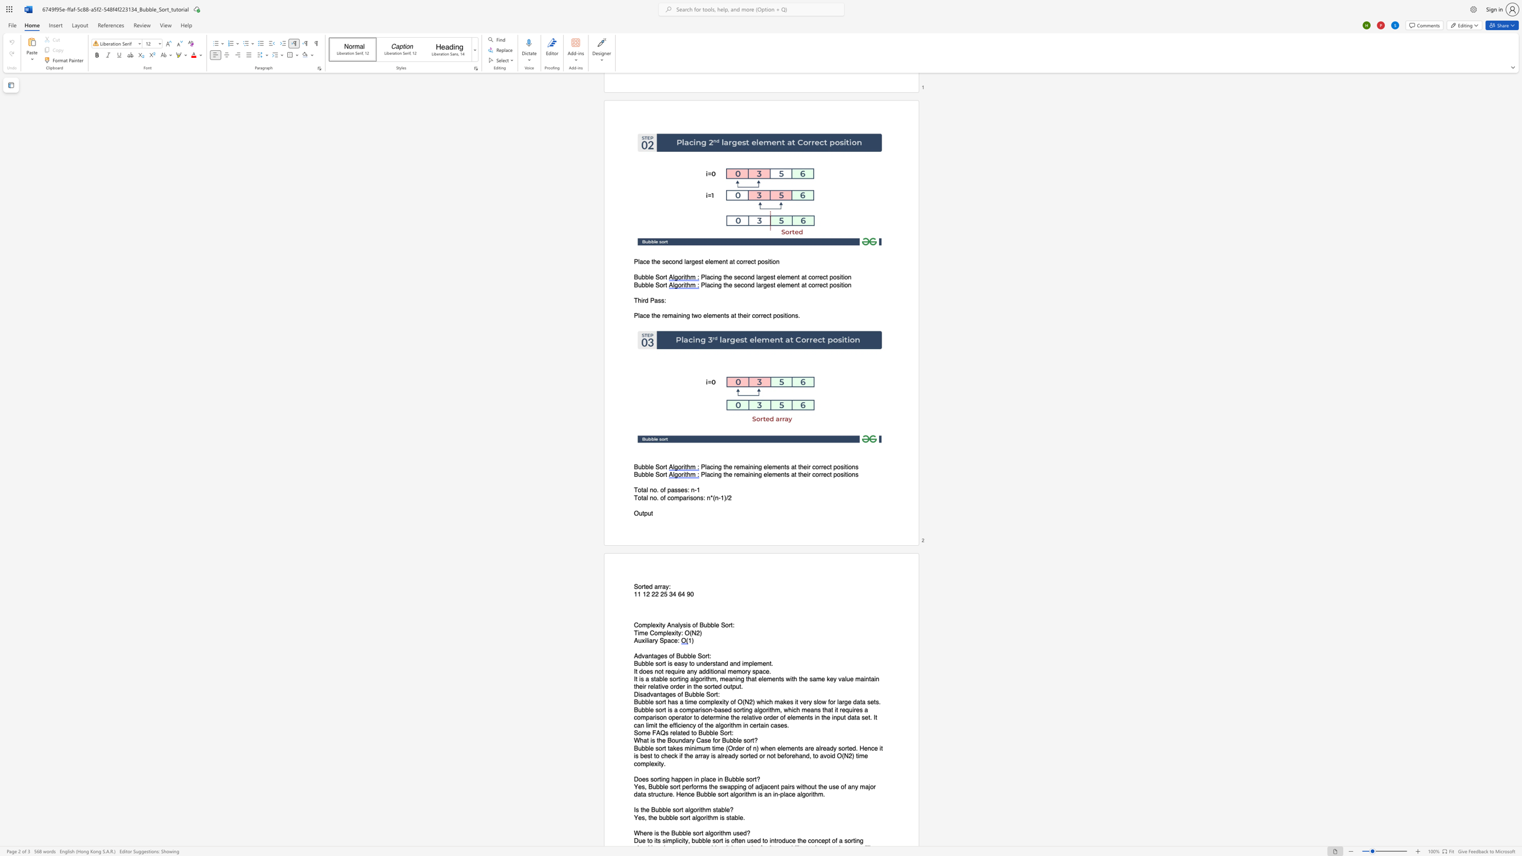  I want to click on the space between the continuous character "o" and "r" in the text, so click(727, 733).